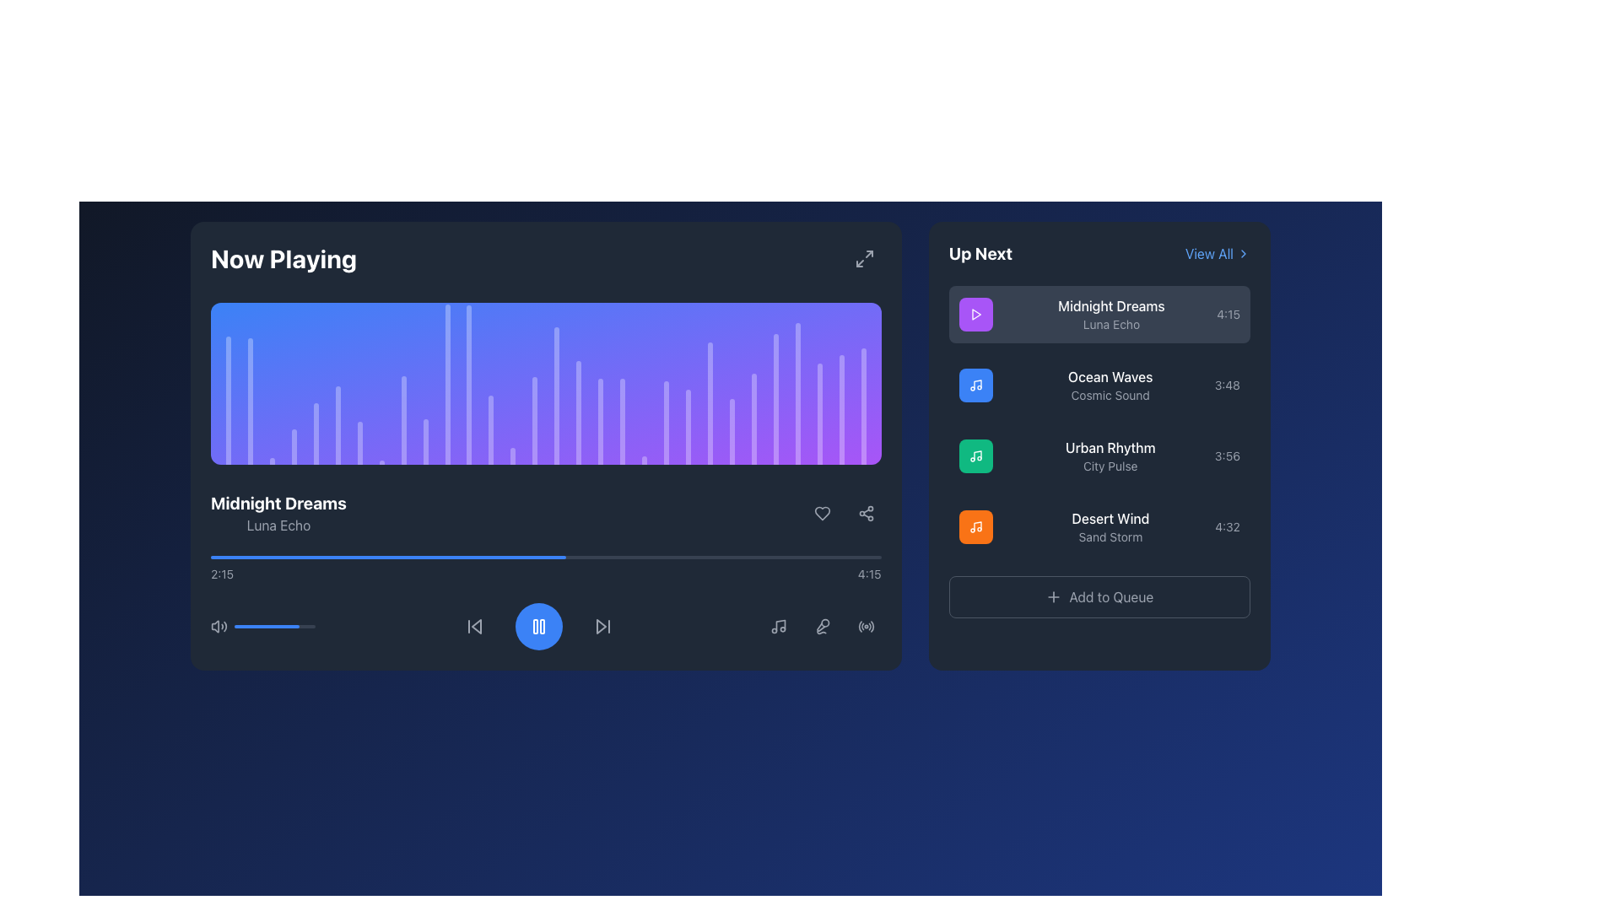 This screenshot has height=911, width=1620. I want to click on the sixth vertical bar in the waveform display located at the top section of the 'Now Playing' card, so click(337, 424).